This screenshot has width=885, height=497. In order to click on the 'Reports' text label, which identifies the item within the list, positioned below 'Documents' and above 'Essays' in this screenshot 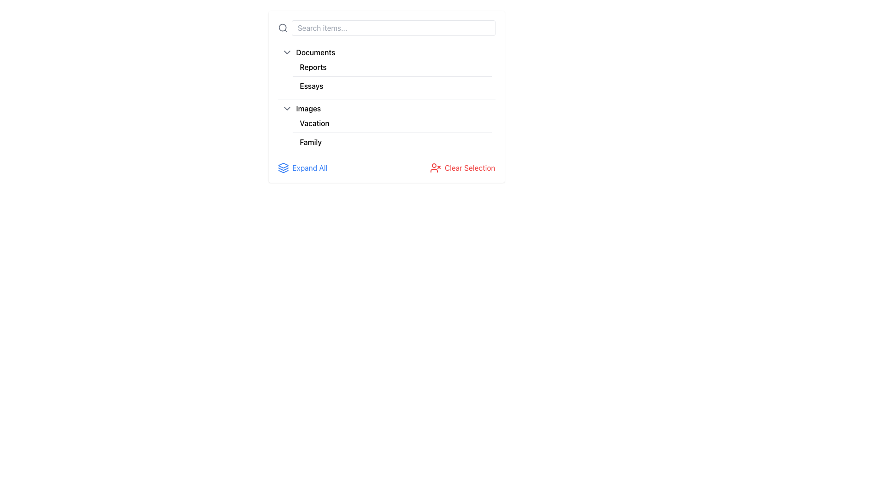, I will do `click(313, 67)`.